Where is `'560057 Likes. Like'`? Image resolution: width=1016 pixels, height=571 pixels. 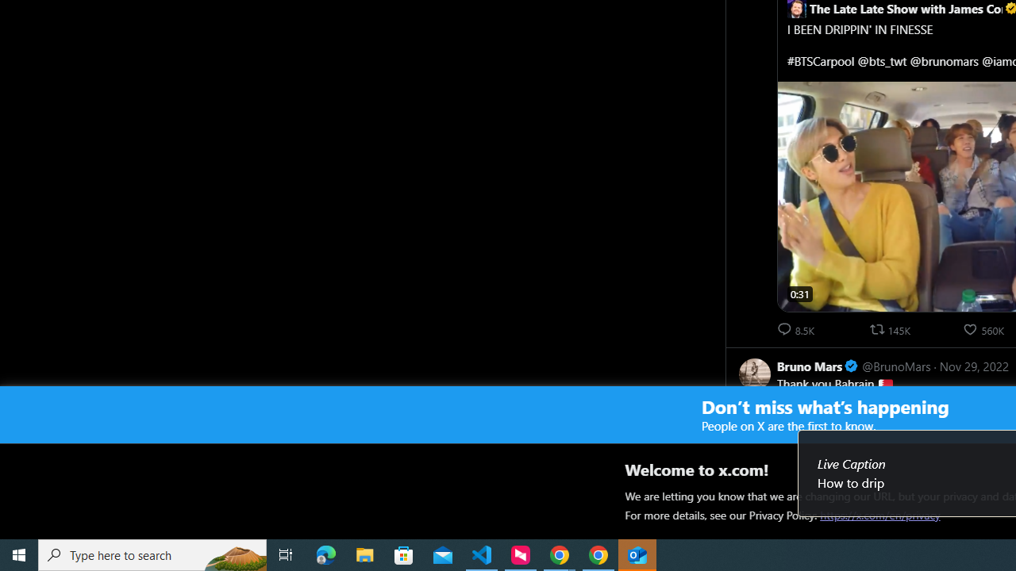 '560057 Likes. Like' is located at coordinates (983, 328).